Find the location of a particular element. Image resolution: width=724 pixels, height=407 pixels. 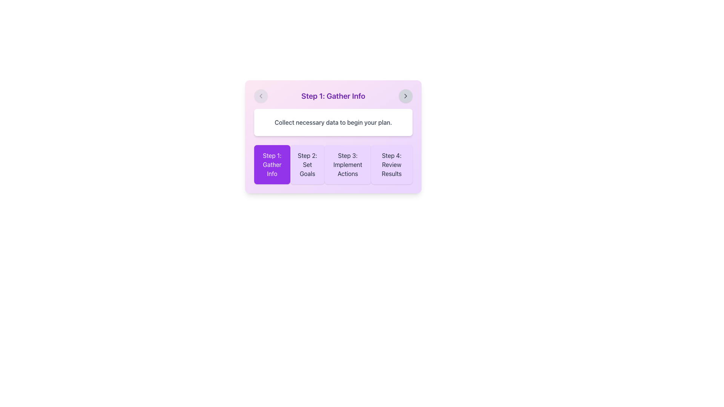

the 'Step 3: Implement Actions' button, which is the third button in a horizontal row of four buttons located in the bottom section of a rectangular card layout is located at coordinates (347, 164).